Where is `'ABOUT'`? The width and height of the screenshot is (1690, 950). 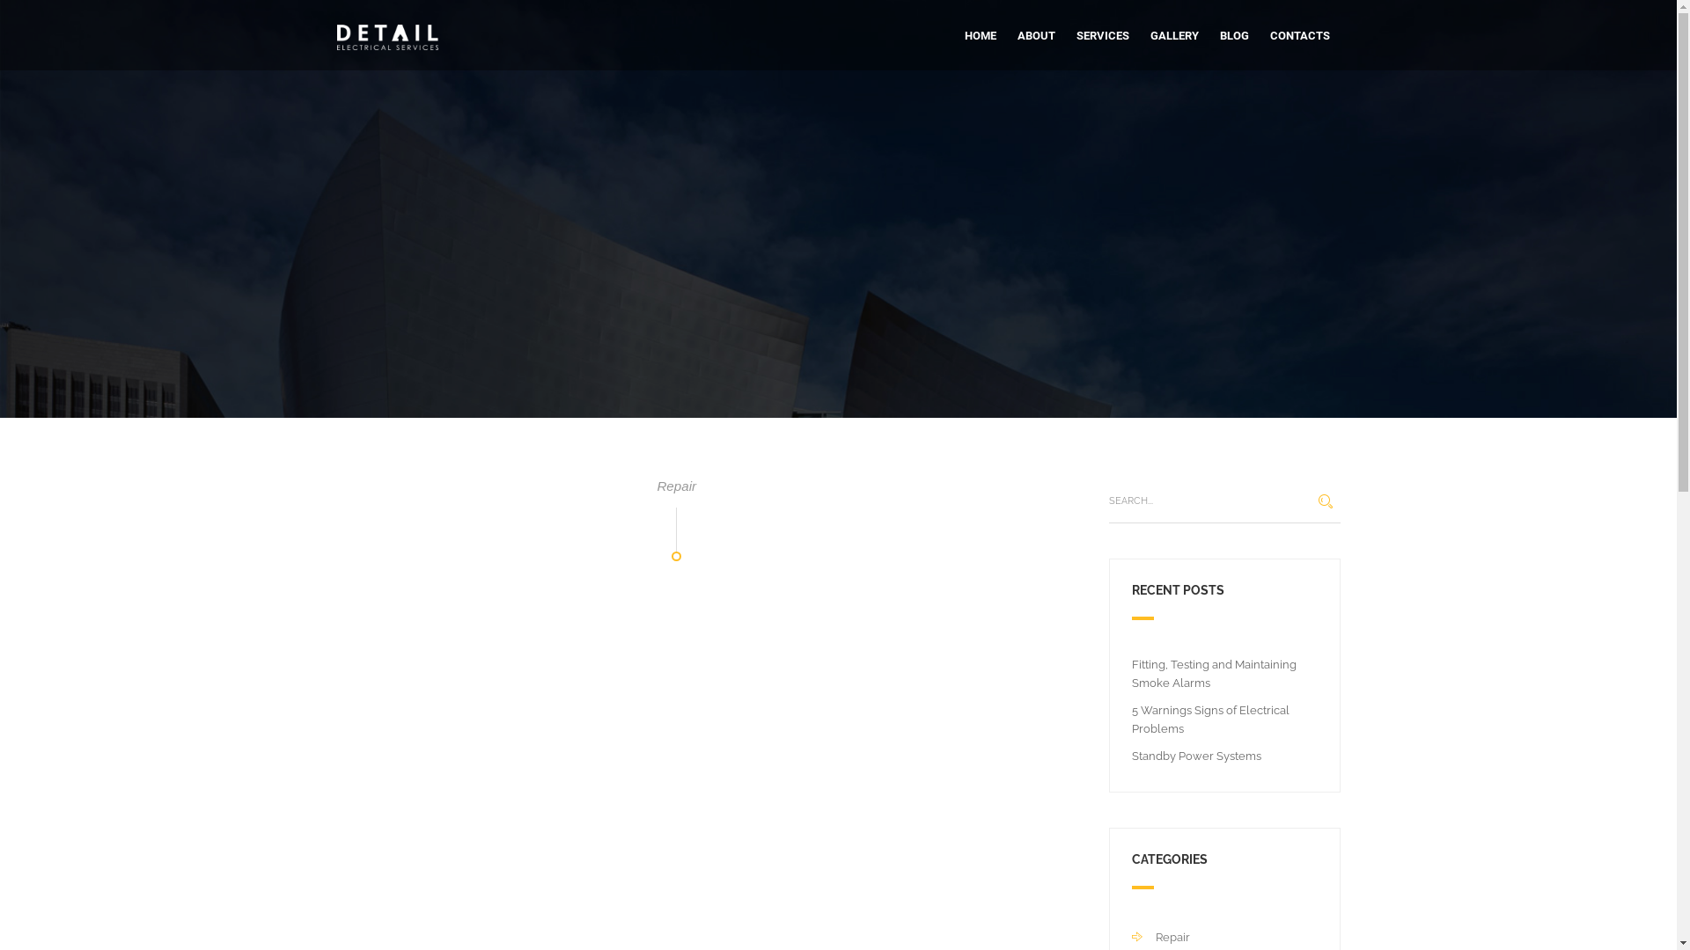 'ABOUT' is located at coordinates (1036, 36).